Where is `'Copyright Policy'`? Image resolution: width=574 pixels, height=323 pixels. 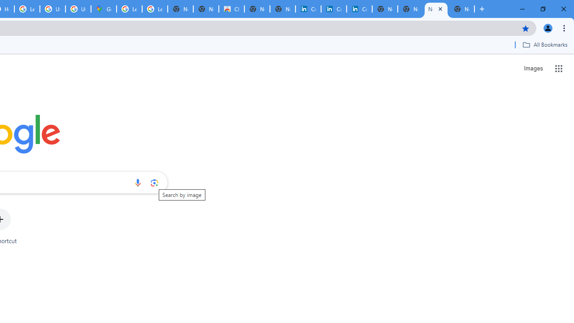
'Copyright Policy' is located at coordinates (359, 9).